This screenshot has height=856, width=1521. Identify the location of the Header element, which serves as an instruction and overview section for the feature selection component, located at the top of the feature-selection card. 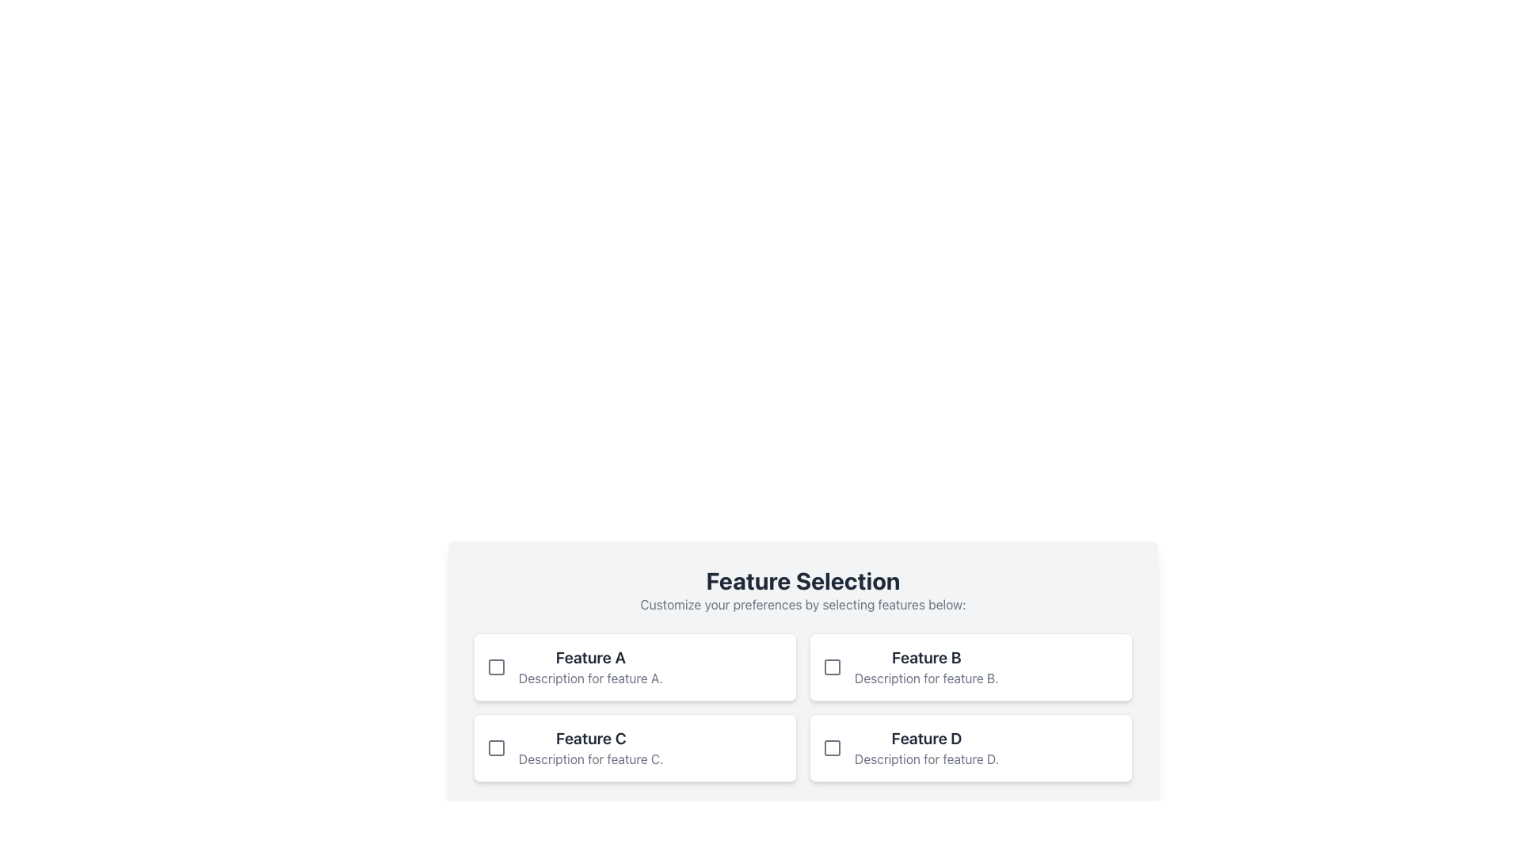
(802, 590).